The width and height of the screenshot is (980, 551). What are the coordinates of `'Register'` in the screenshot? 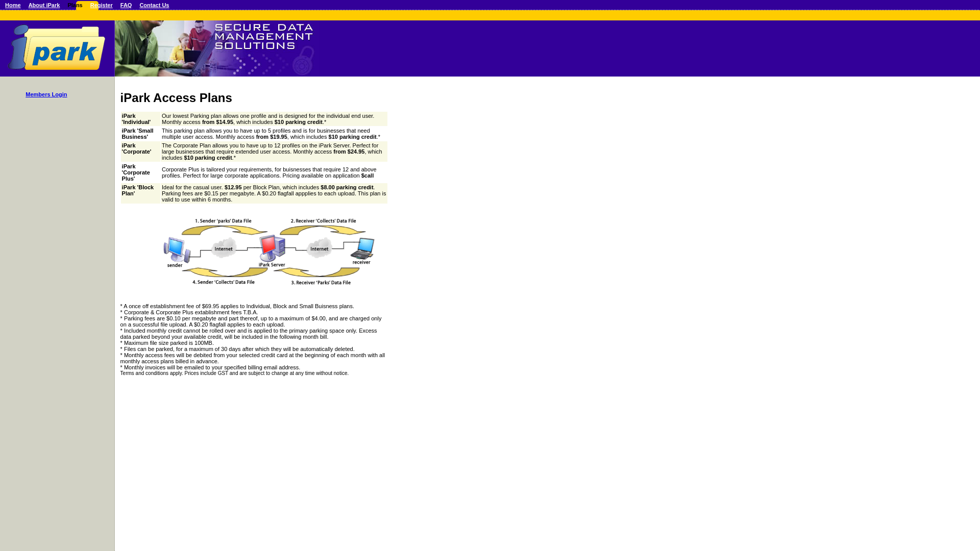 It's located at (101, 5).